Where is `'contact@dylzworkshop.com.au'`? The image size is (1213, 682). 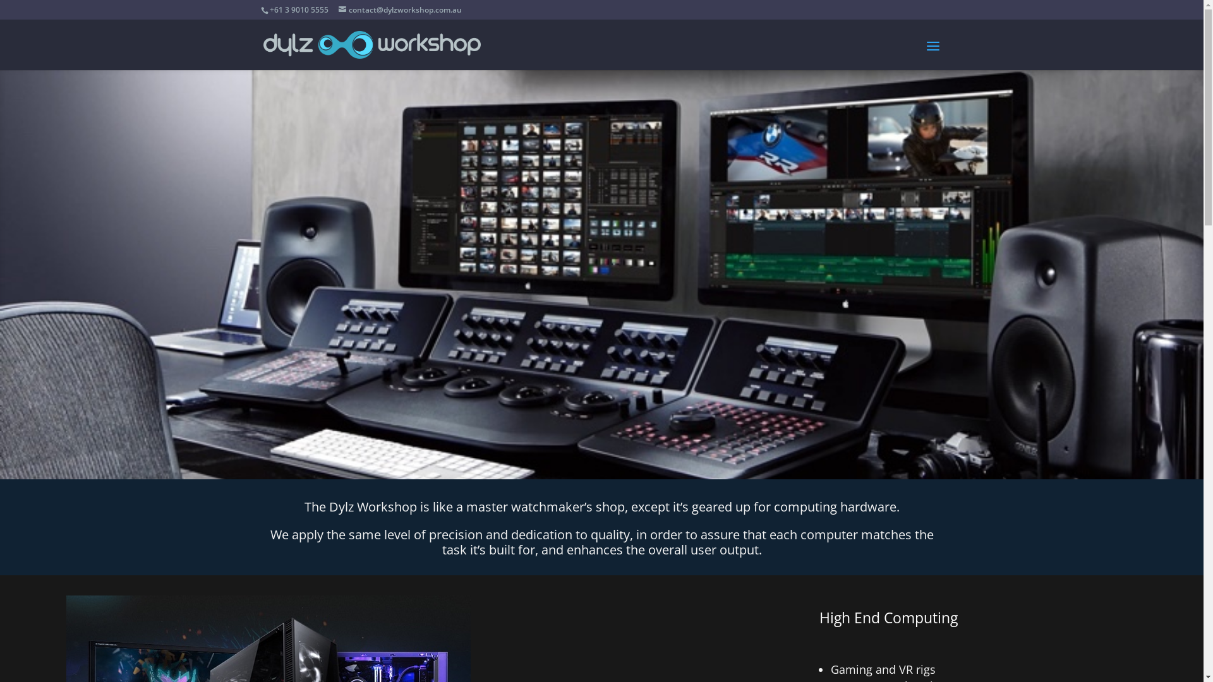 'contact@dylzworkshop.com.au' is located at coordinates (399, 9).